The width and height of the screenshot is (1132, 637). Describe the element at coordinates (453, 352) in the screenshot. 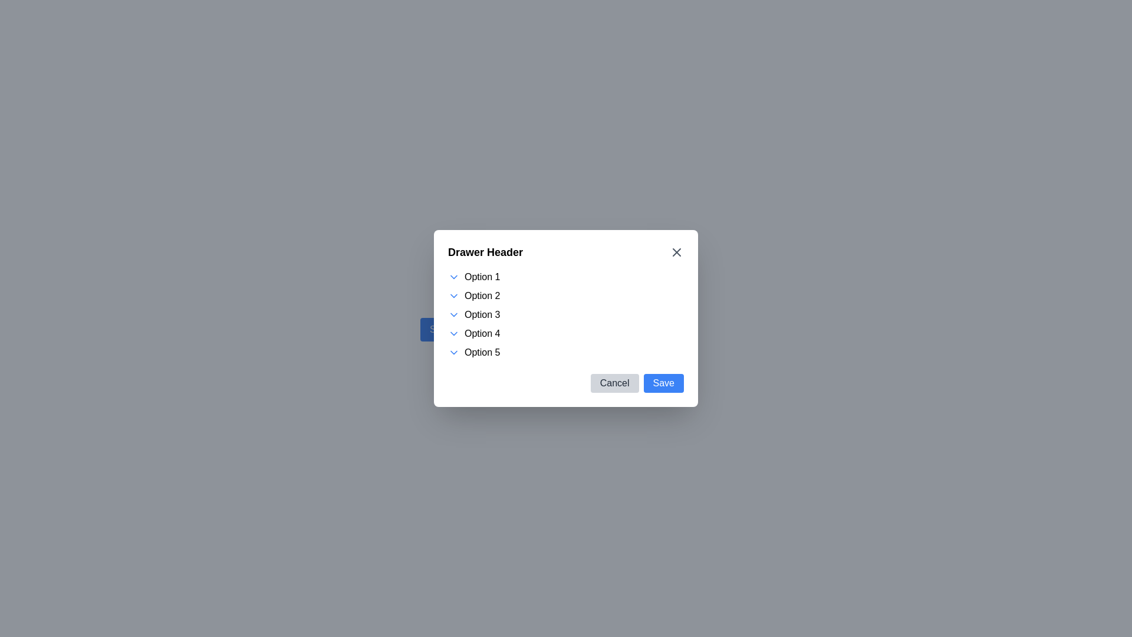

I see `the blue chevron-down icon located to the left of the text 'Option 5'` at that location.